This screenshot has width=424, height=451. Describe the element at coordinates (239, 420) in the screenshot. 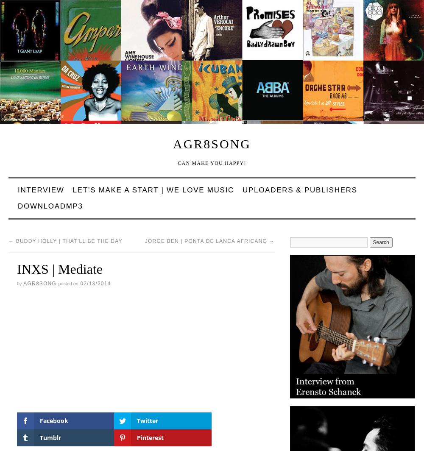

I see `'Pinterest'` at that location.